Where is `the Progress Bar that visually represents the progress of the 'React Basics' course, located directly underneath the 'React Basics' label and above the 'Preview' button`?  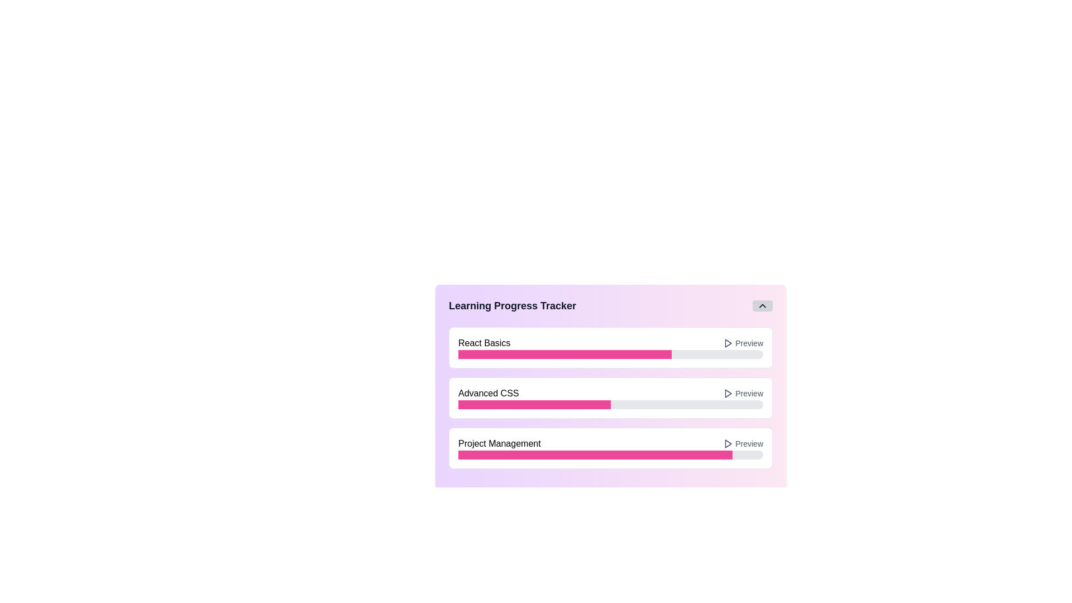 the Progress Bar that visually represents the progress of the 'React Basics' course, located directly underneath the 'React Basics' label and above the 'Preview' button is located at coordinates (565, 355).